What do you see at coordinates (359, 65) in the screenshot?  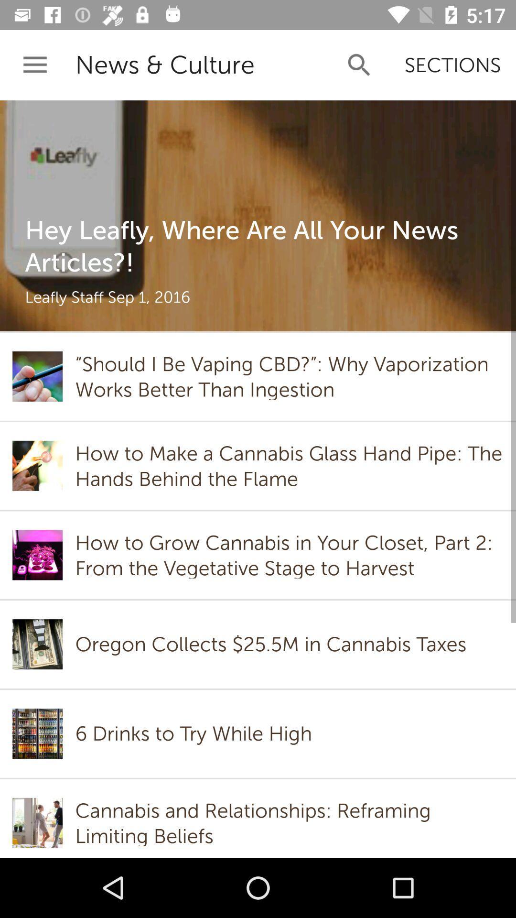 I see `the icon to the left of the sections` at bounding box center [359, 65].